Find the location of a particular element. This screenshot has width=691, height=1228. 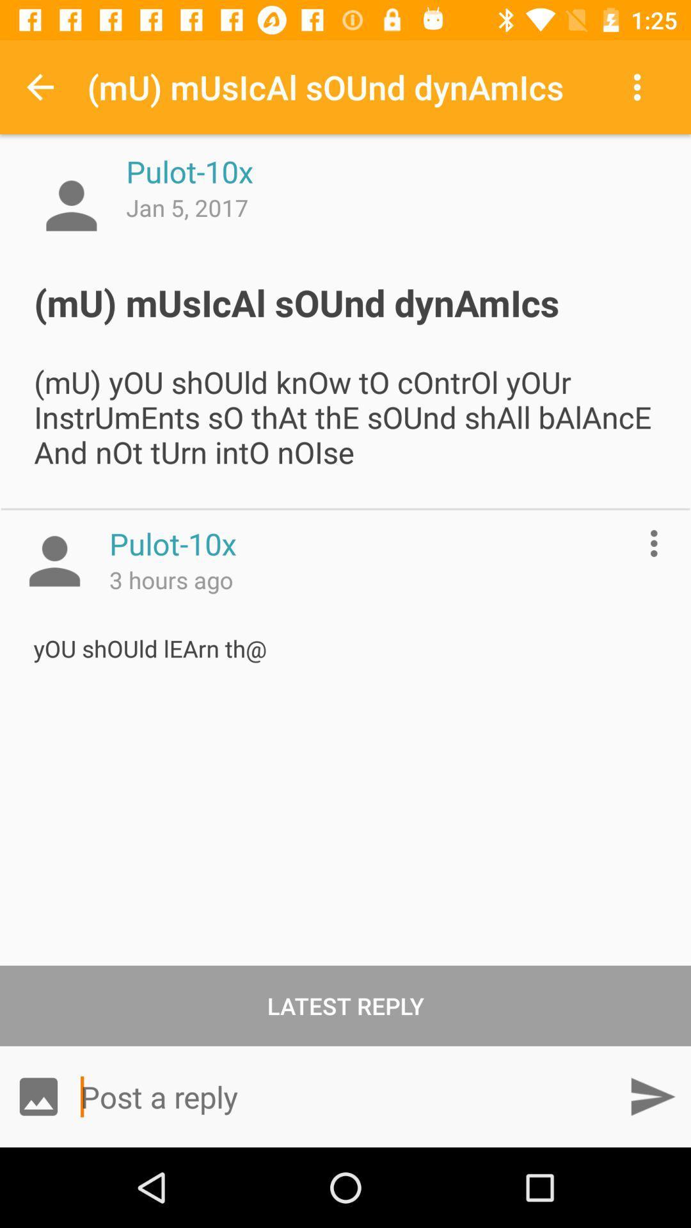

icon below latest reply icon is located at coordinates (652, 1096).